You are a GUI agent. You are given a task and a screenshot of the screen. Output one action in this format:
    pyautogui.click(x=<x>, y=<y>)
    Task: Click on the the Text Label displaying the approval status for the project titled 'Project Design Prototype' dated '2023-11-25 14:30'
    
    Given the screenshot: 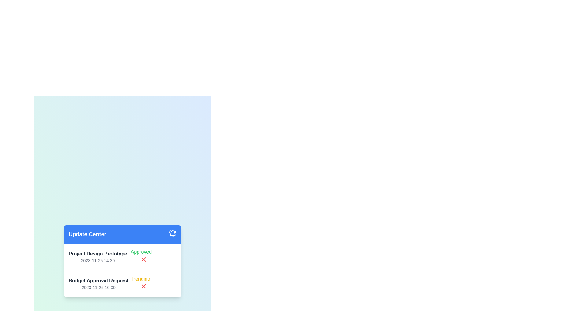 What is the action you would take?
    pyautogui.click(x=141, y=257)
    